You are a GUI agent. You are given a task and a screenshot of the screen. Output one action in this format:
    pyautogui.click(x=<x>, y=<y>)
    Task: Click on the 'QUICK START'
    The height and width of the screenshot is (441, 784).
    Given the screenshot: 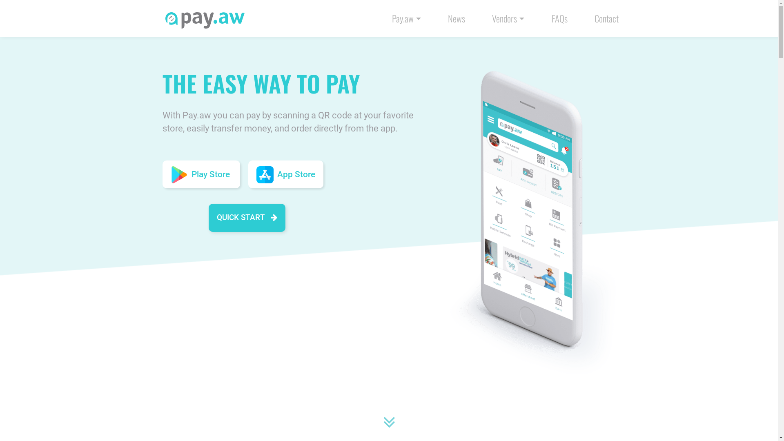 What is the action you would take?
    pyautogui.click(x=246, y=217)
    